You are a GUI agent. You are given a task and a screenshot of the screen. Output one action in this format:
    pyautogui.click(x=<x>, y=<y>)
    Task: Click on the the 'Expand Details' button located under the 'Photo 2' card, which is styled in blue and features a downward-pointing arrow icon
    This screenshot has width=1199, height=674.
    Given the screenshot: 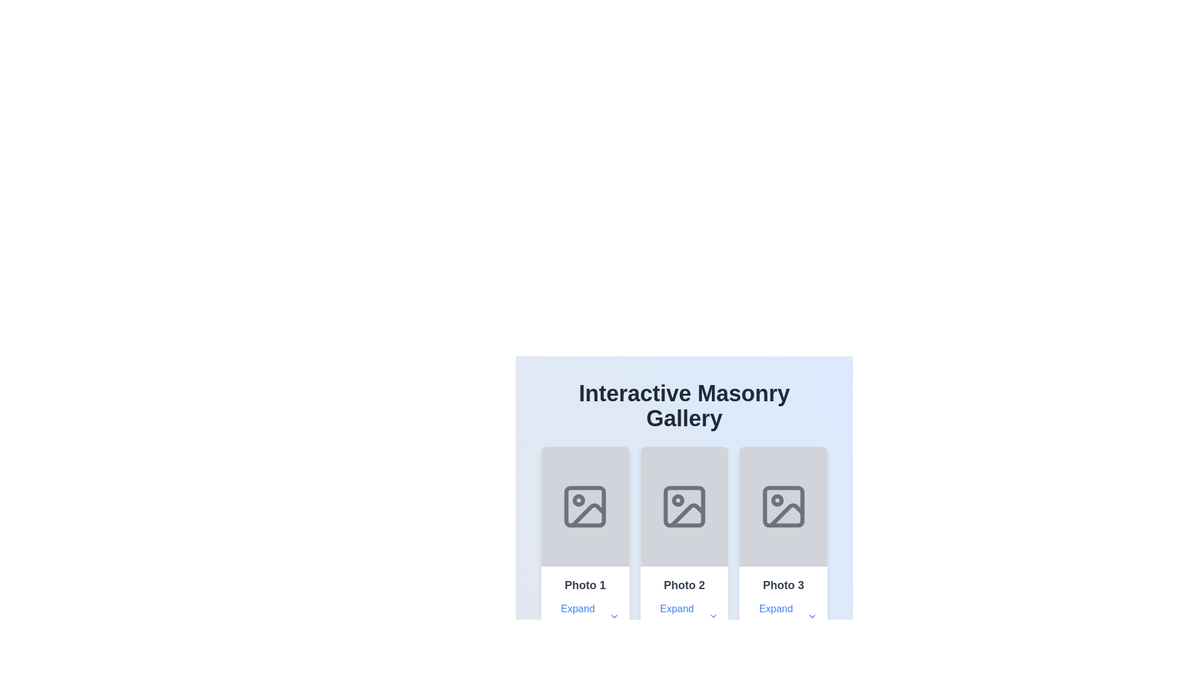 What is the action you would take?
    pyautogui.click(x=683, y=615)
    